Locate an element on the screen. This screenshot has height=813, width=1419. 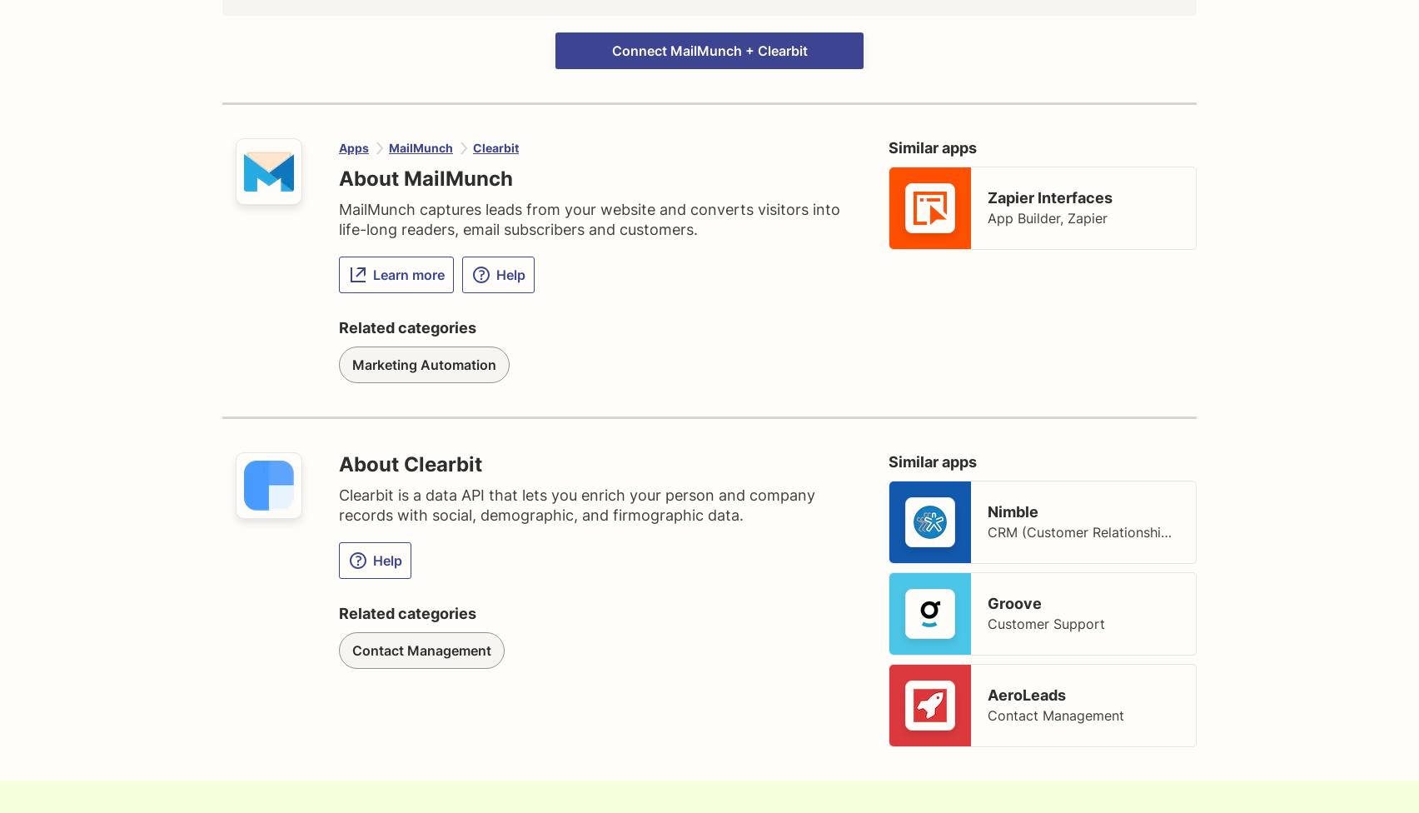
'Zapier Interfaces' is located at coordinates (1048, 197).